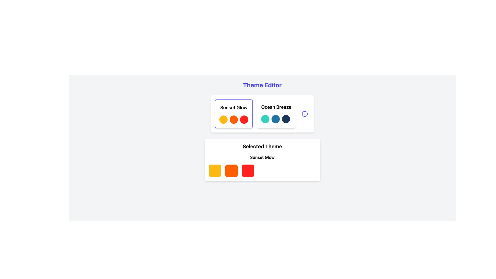 This screenshot has height=279, width=496. Describe the element at coordinates (234, 113) in the screenshot. I see `the selectable item labeled 'Sunset Glow' in the 'Theme Editor' panel` at that location.